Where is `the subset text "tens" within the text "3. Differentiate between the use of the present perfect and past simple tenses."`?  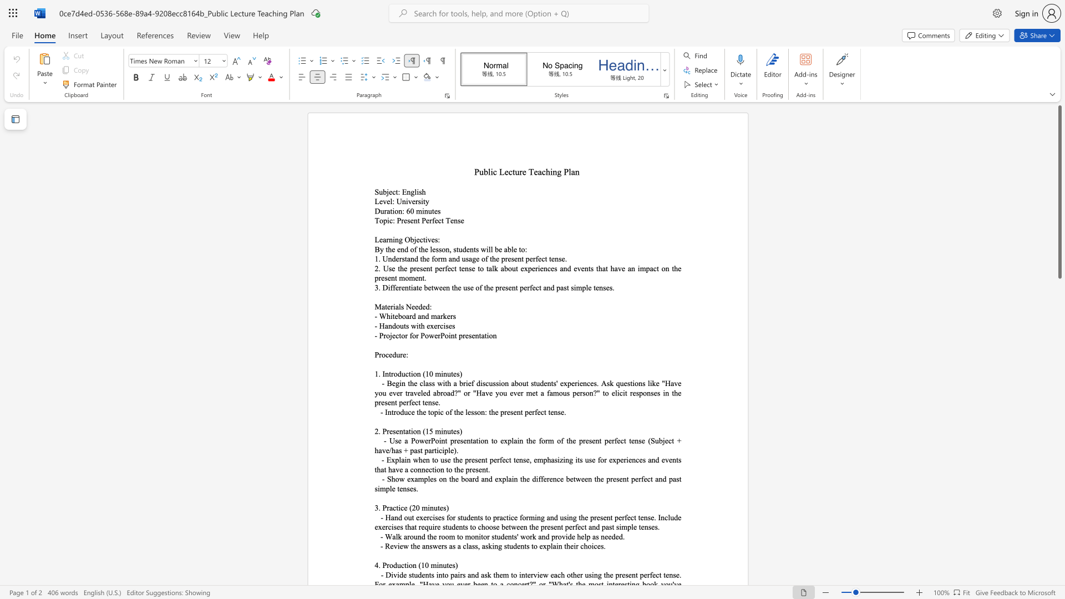 the subset text "tens" within the text "3. Differentiate between the use of the present perfect and past simple tenses." is located at coordinates (593, 287).